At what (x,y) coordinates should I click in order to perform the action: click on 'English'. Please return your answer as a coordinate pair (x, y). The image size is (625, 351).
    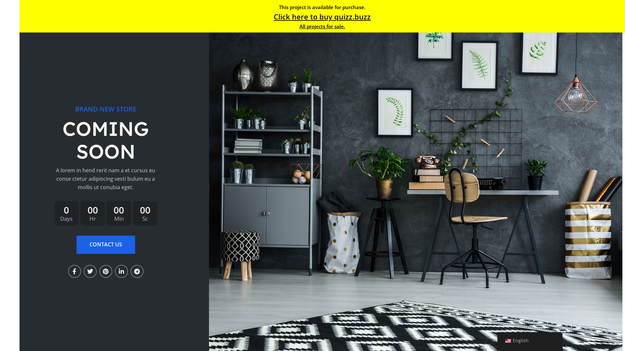
    Looking at the image, I should click on (505, 341).